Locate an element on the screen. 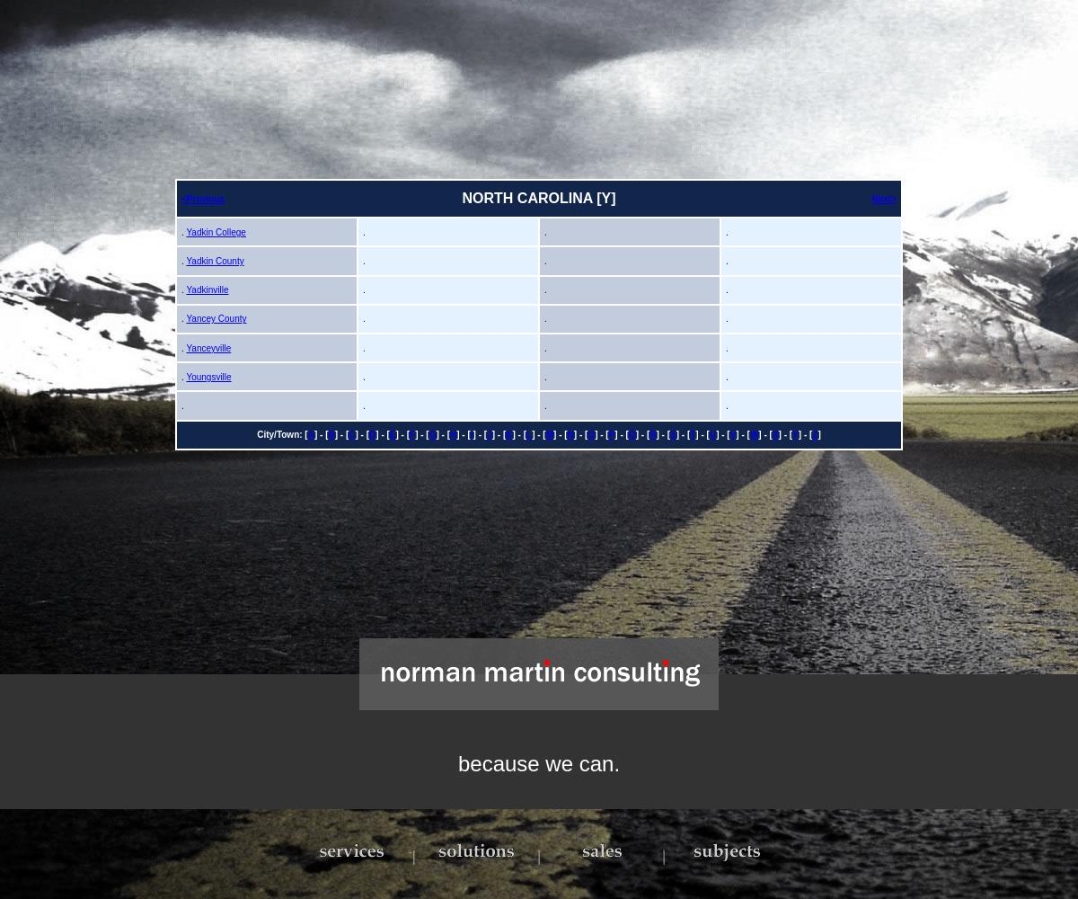  'Youngsville' is located at coordinates (207, 376).